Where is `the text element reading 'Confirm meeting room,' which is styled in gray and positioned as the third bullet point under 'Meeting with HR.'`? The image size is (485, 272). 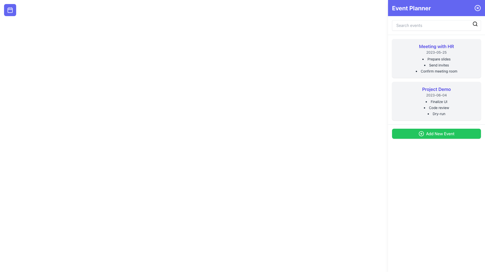
the text element reading 'Confirm meeting room,' which is styled in gray and positioned as the third bullet point under 'Meeting with HR.' is located at coordinates (436, 71).